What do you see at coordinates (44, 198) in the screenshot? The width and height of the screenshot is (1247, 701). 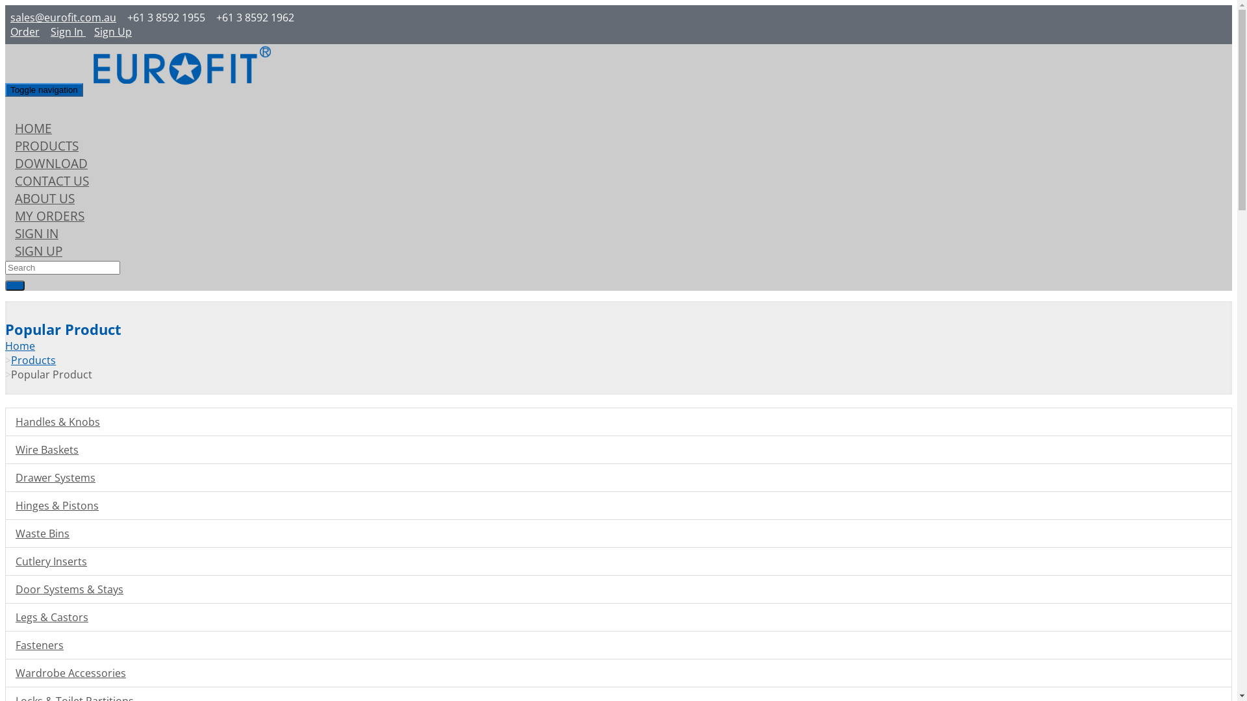 I see `'ABOUT US'` at bounding box center [44, 198].